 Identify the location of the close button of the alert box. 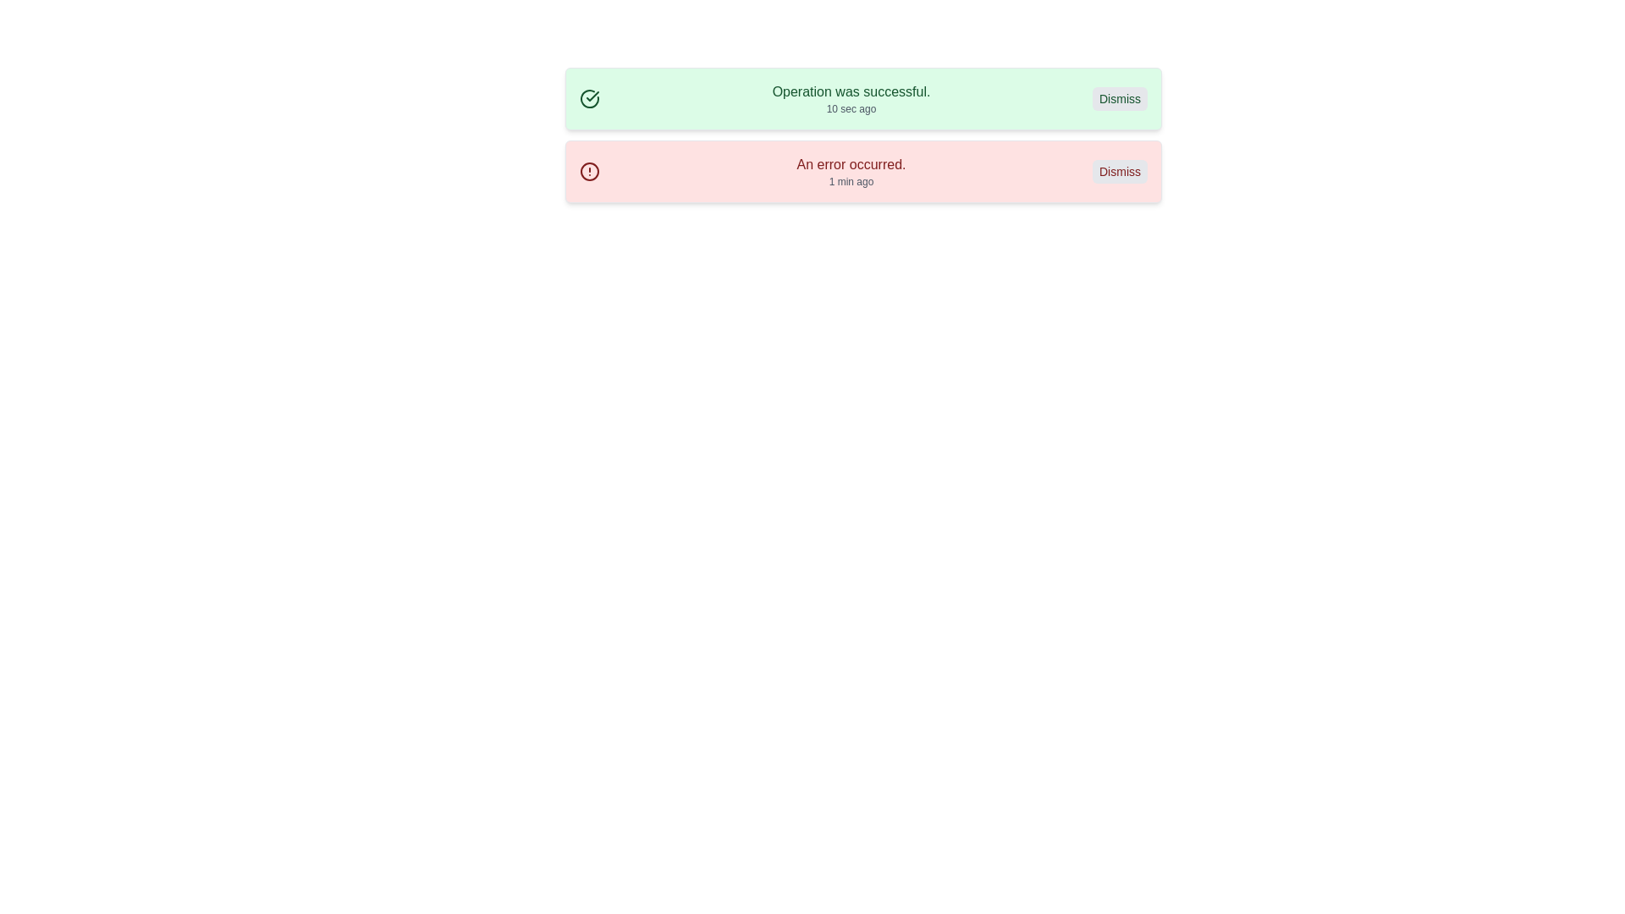
(1120, 172).